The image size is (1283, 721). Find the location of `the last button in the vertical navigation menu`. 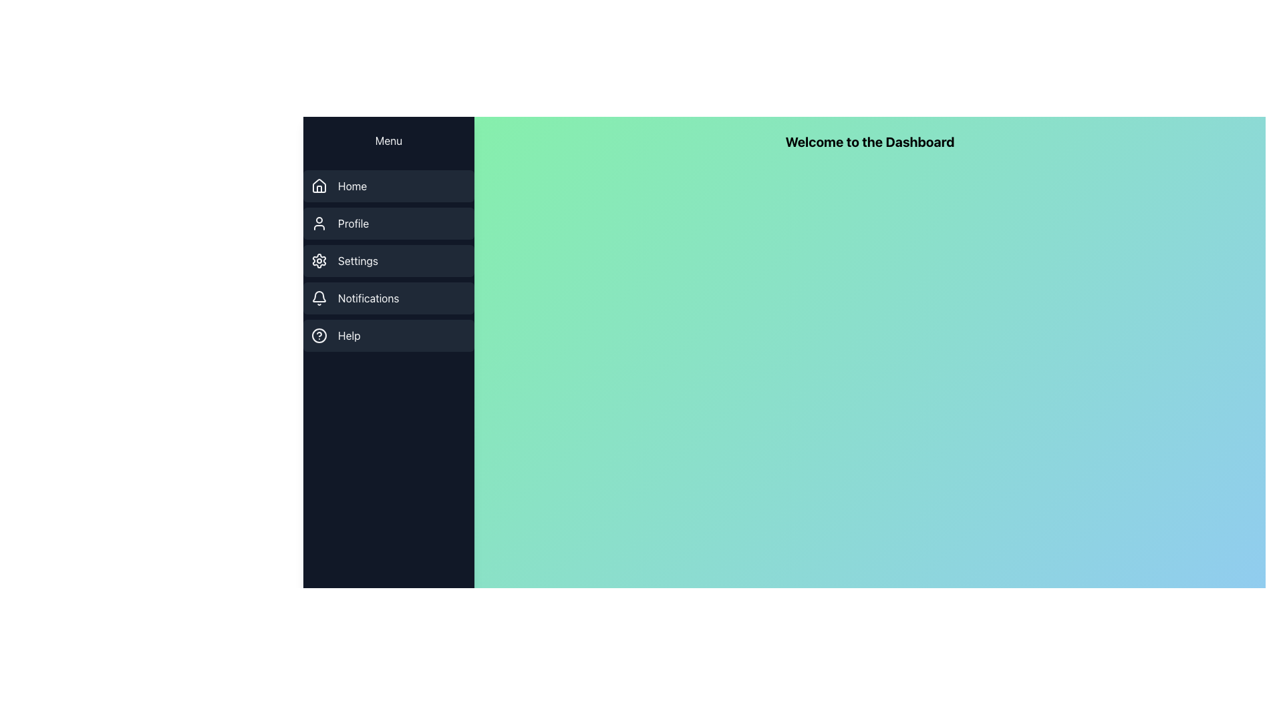

the last button in the vertical navigation menu is located at coordinates (388, 334).